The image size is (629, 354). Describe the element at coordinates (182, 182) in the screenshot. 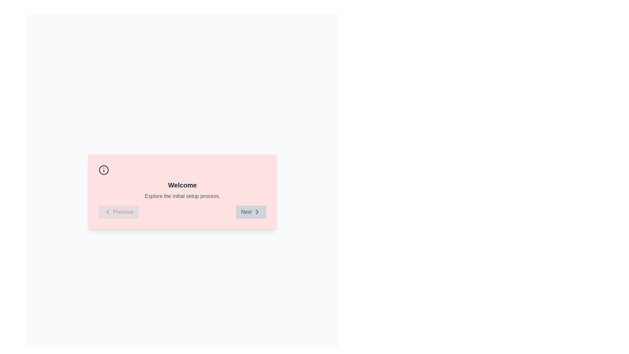

I see `welcome message from the Text Block located centrally above the 'Previous' and 'Next' buttons in a light pink background` at that location.